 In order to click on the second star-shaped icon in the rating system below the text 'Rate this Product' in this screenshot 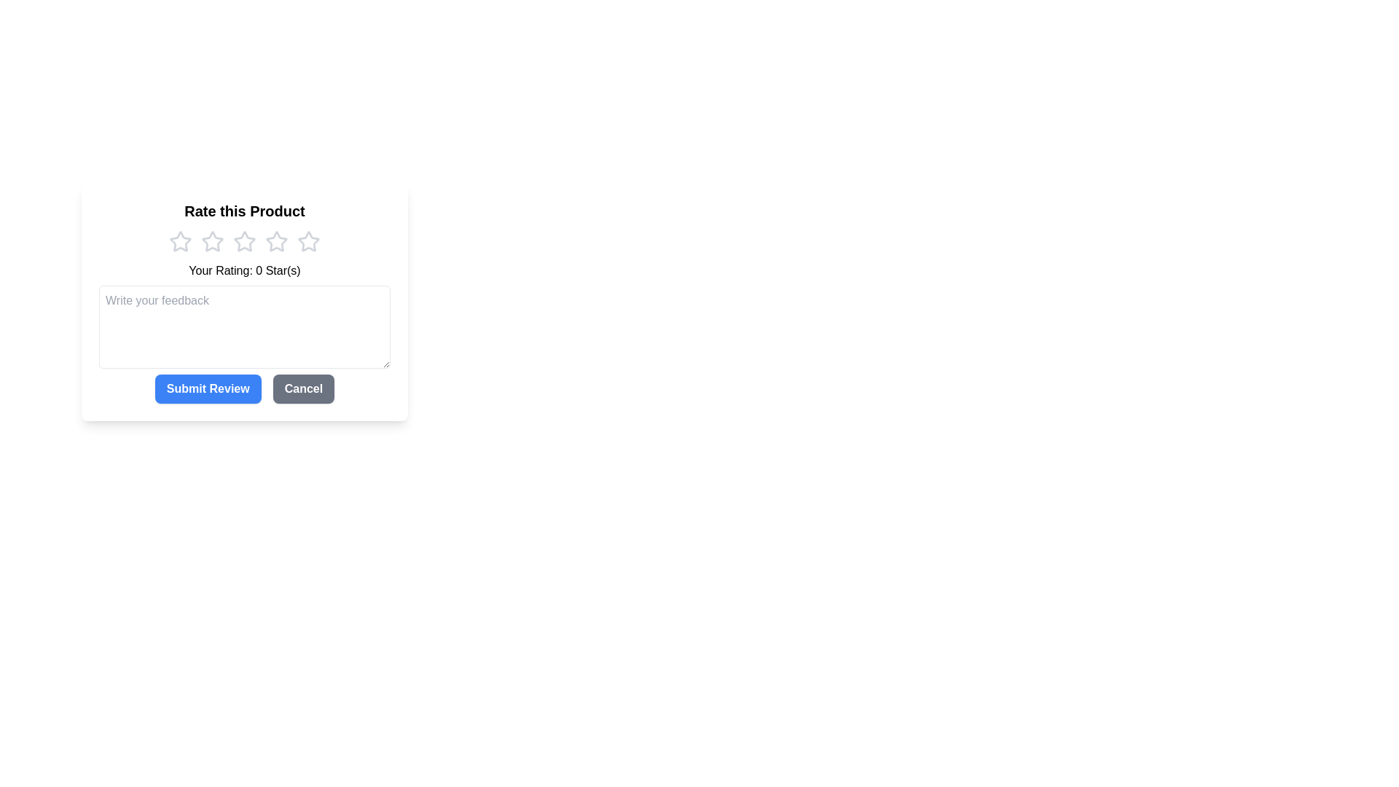, I will do `click(212, 240)`.